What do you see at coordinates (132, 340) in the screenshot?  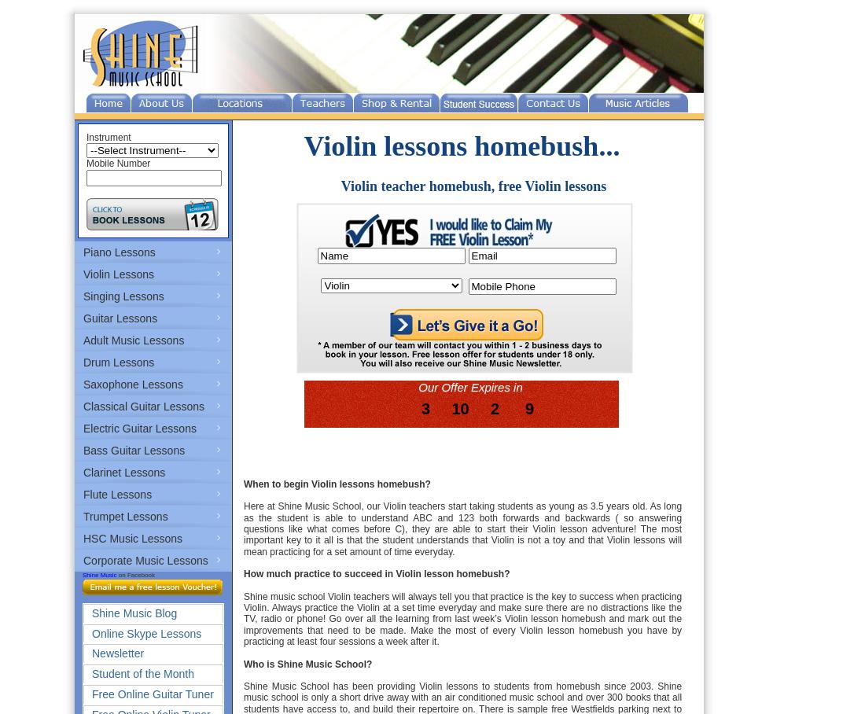 I see `'Adult Music Lessons'` at bounding box center [132, 340].